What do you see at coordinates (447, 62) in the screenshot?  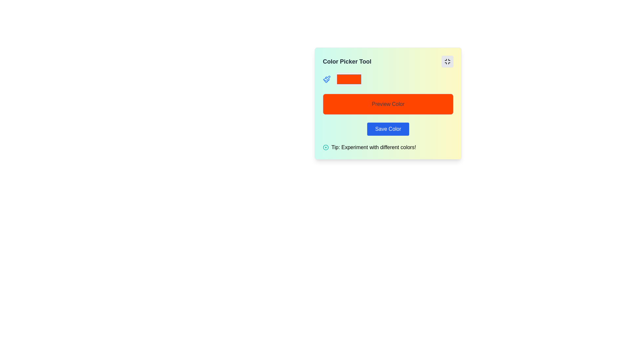 I see `the minimize button located in the top-right corner of the 'Color Picker Tool' box` at bounding box center [447, 62].